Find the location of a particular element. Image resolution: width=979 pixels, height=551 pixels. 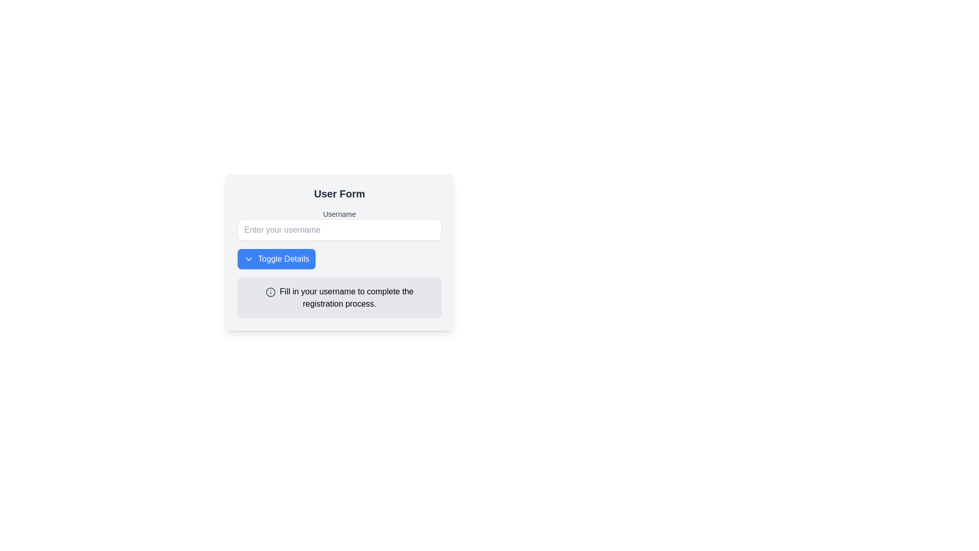

the Information Icon located to the left of the text block within the content box, which serves as a visual cue for additional guidance or instruction is located at coordinates (270, 292).